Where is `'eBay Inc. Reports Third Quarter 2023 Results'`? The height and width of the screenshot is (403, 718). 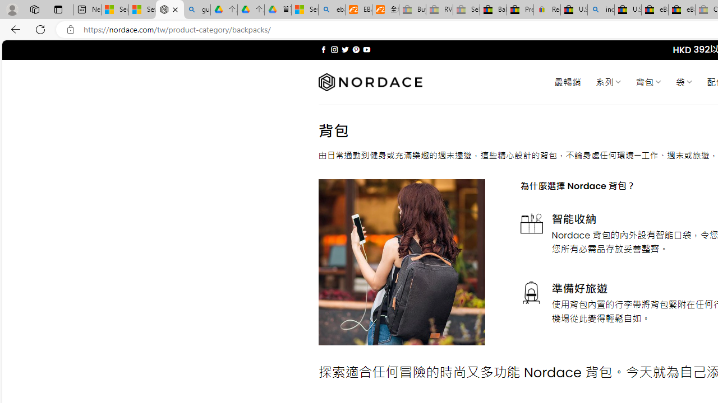 'eBay Inc. Reports Third Quarter 2023 Results' is located at coordinates (681, 10).